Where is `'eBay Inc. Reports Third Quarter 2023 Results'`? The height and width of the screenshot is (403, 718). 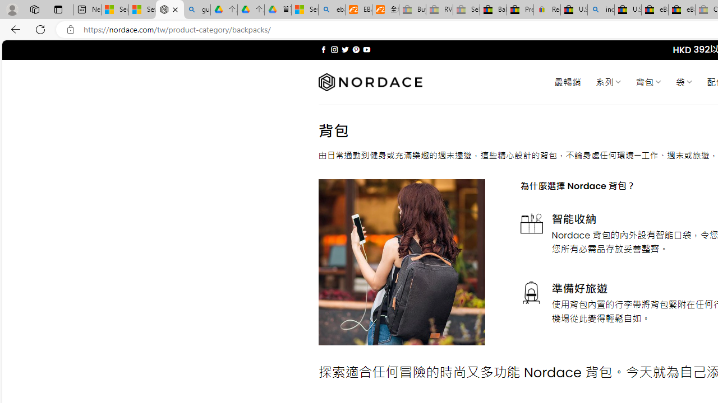 'eBay Inc. Reports Third Quarter 2023 Results' is located at coordinates (681, 10).